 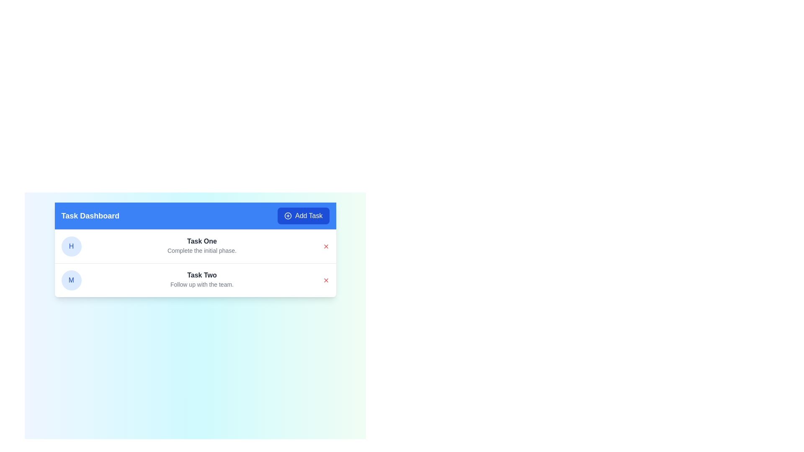 What do you see at coordinates (202, 275) in the screenshot?
I see `the 'Task Two' text label, which is displayed in bold, dark-gray font and is the second task title in the task list` at bounding box center [202, 275].